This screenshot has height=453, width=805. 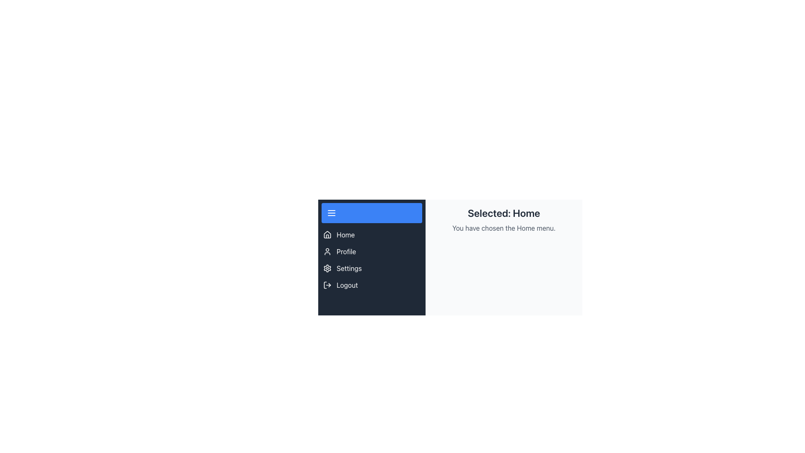 What do you see at coordinates (371, 251) in the screenshot?
I see `the 'Profile' navigation button, which is the second item in the vertical list of menu options` at bounding box center [371, 251].